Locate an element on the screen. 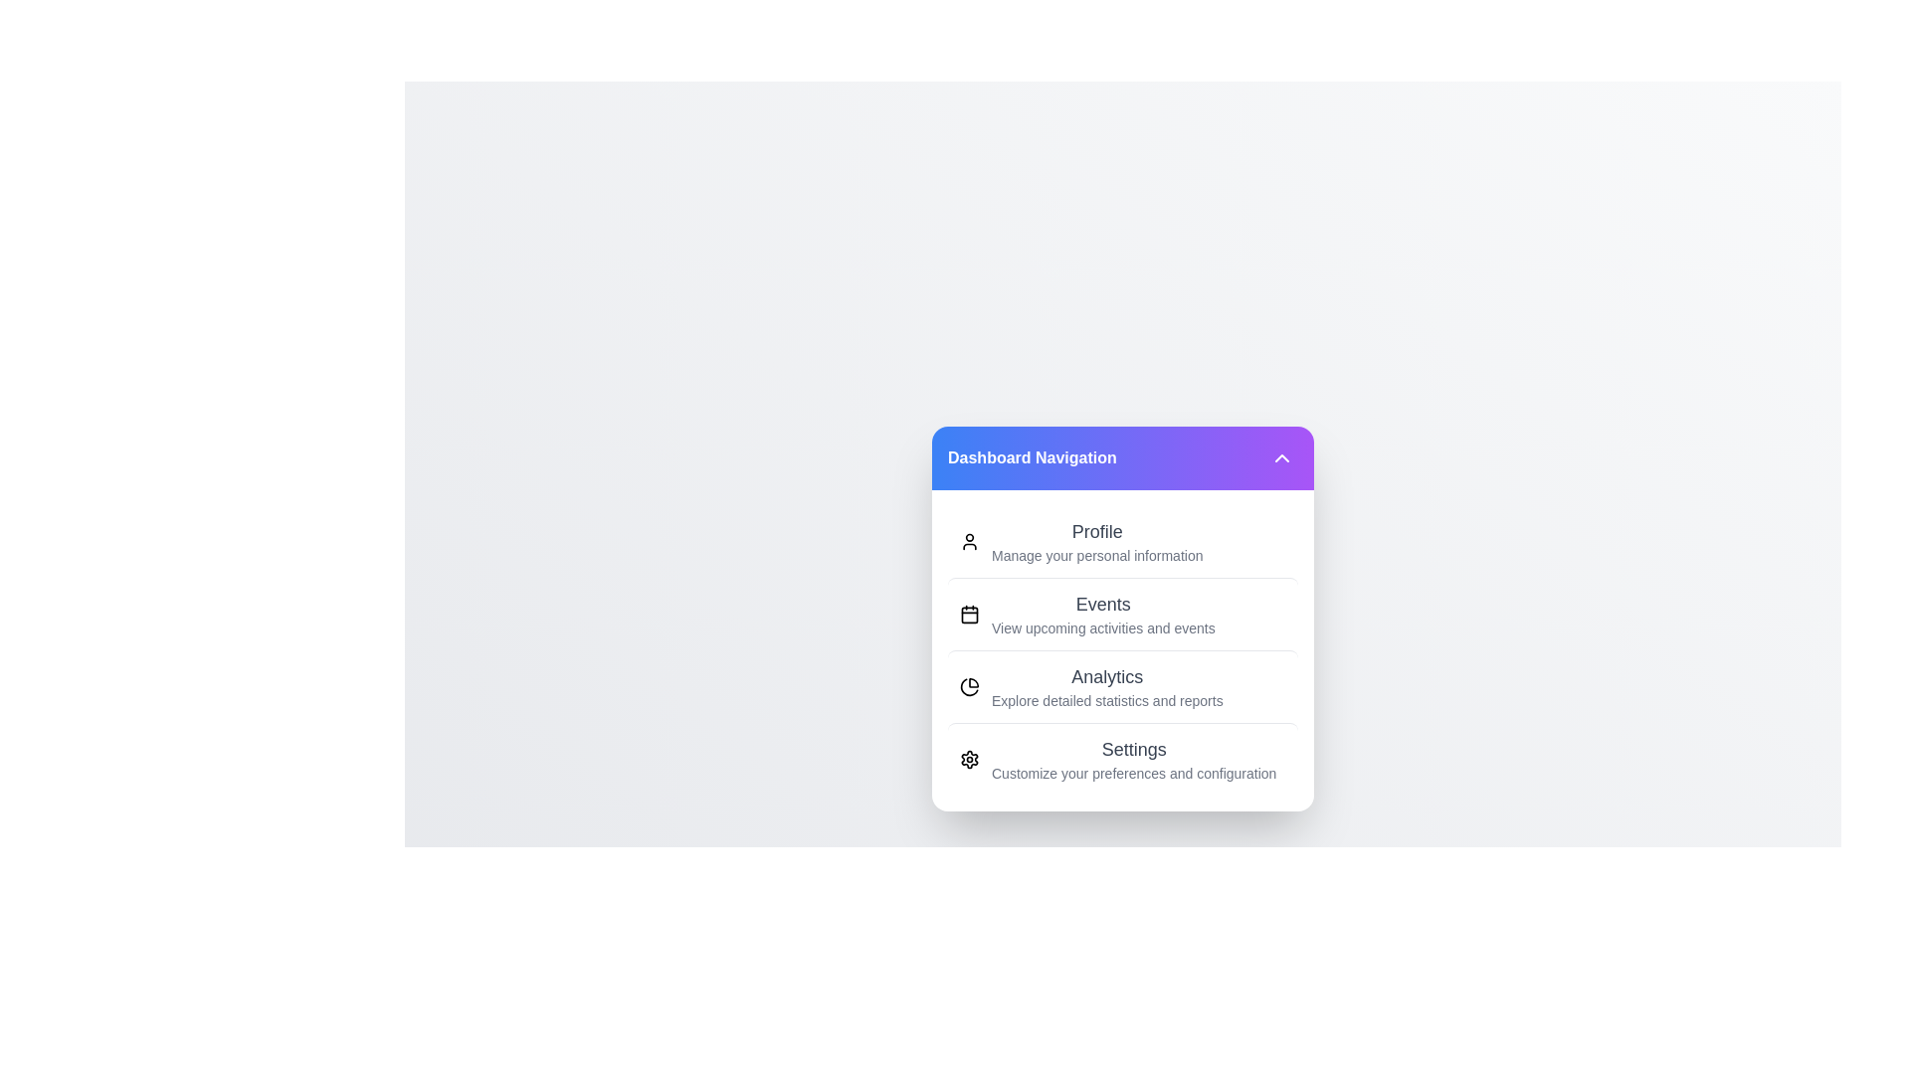 The image size is (1910, 1074). the menu option Analytics is located at coordinates (1122, 685).